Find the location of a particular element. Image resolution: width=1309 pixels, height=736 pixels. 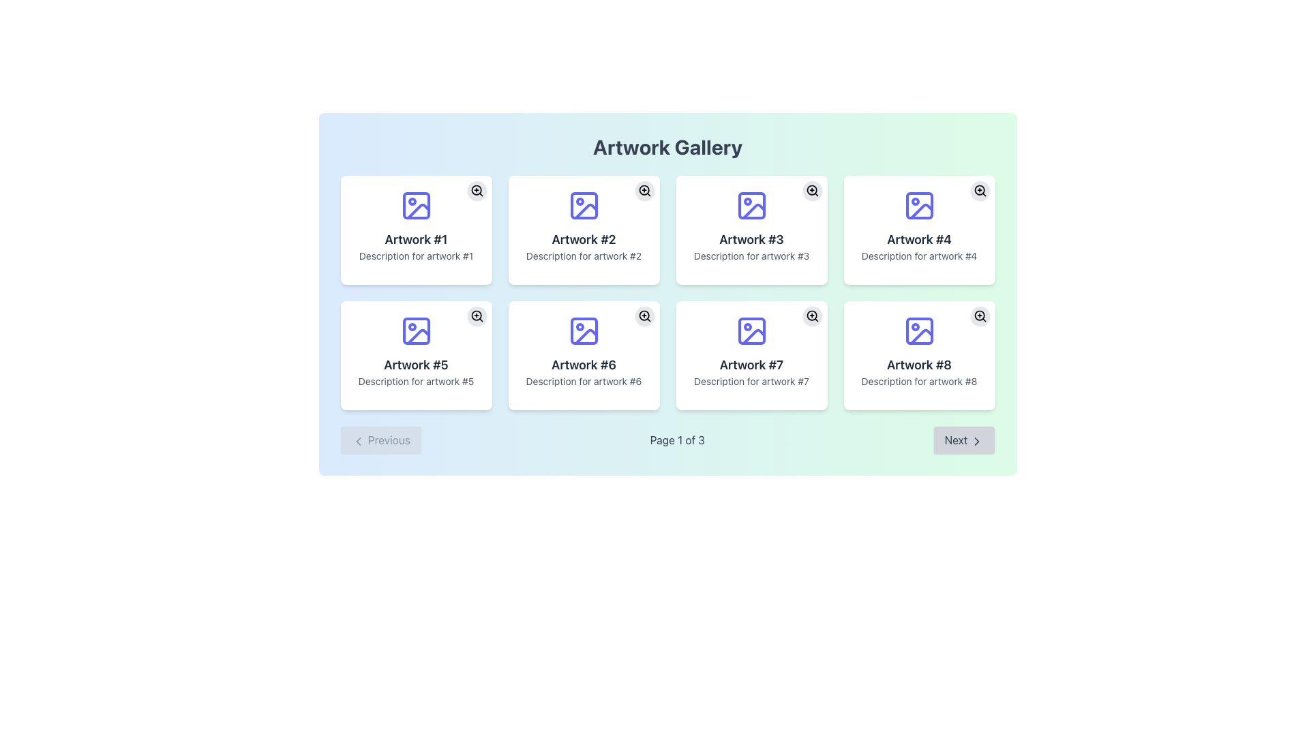

the thumbnail icon representing 'Artwork #6' in the artwork gallery grid layout is located at coordinates (584, 331).